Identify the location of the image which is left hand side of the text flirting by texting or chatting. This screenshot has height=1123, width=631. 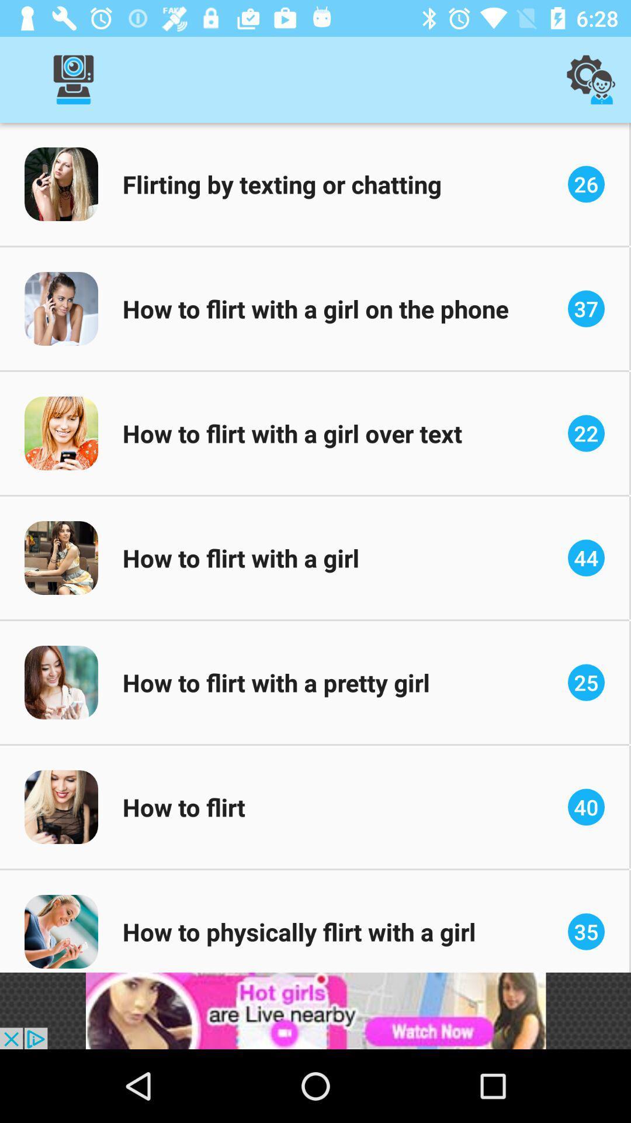
(61, 184).